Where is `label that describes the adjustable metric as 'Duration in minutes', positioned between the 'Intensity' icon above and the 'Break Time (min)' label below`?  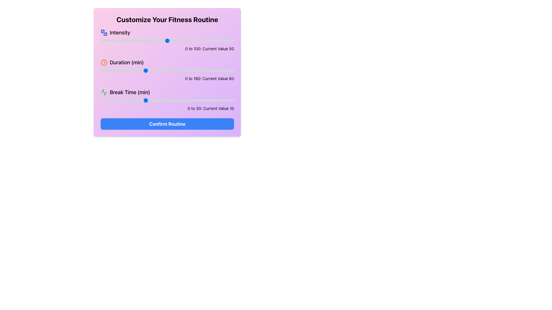
label that describes the adjustable metric as 'Duration in minutes', positioned between the 'Intensity' icon above and the 'Break Time (min)' label below is located at coordinates (126, 63).